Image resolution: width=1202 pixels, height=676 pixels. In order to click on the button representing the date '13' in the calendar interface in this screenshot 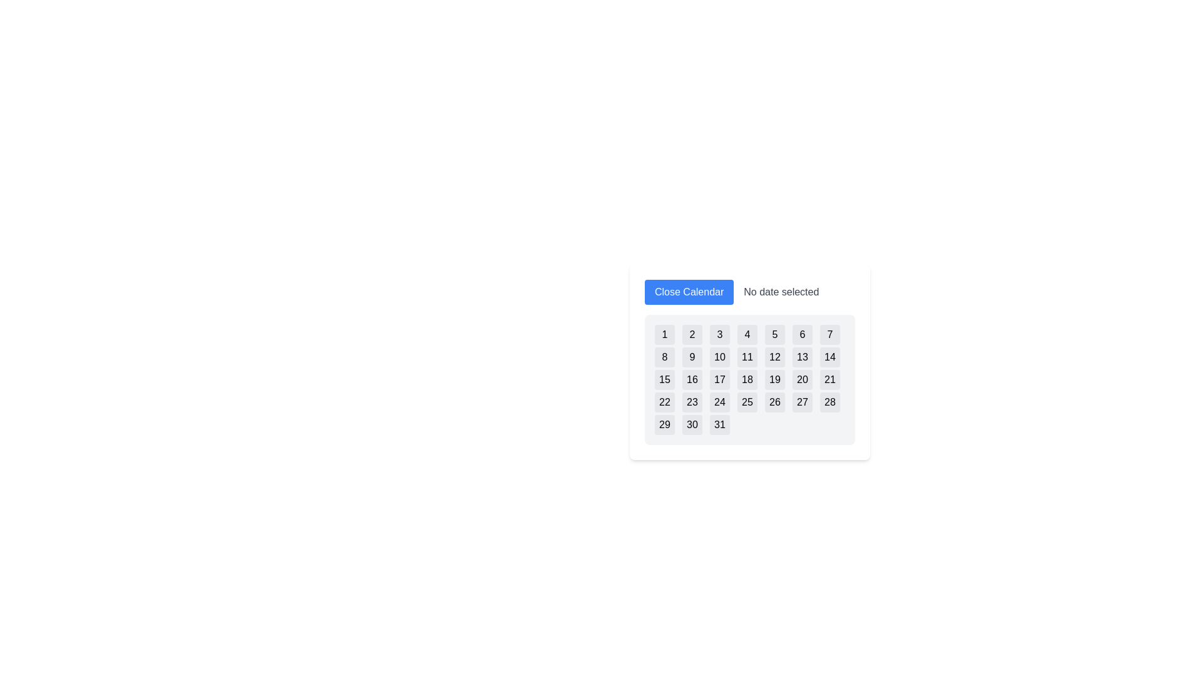, I will do `click(802, 357)`.